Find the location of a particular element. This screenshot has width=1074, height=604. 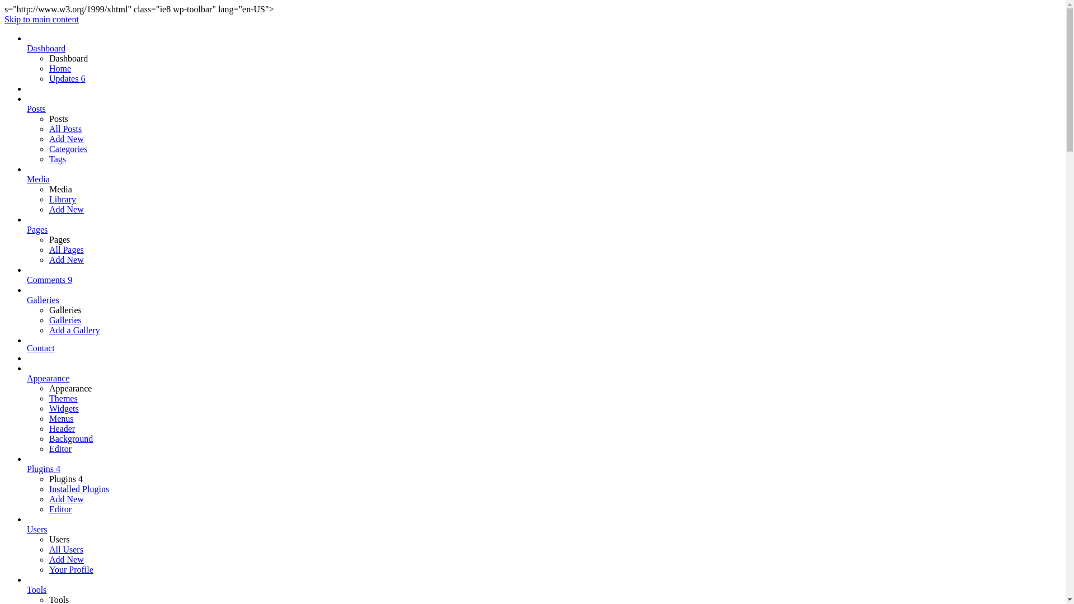

'Pages' is located at coordinates (27, 224).